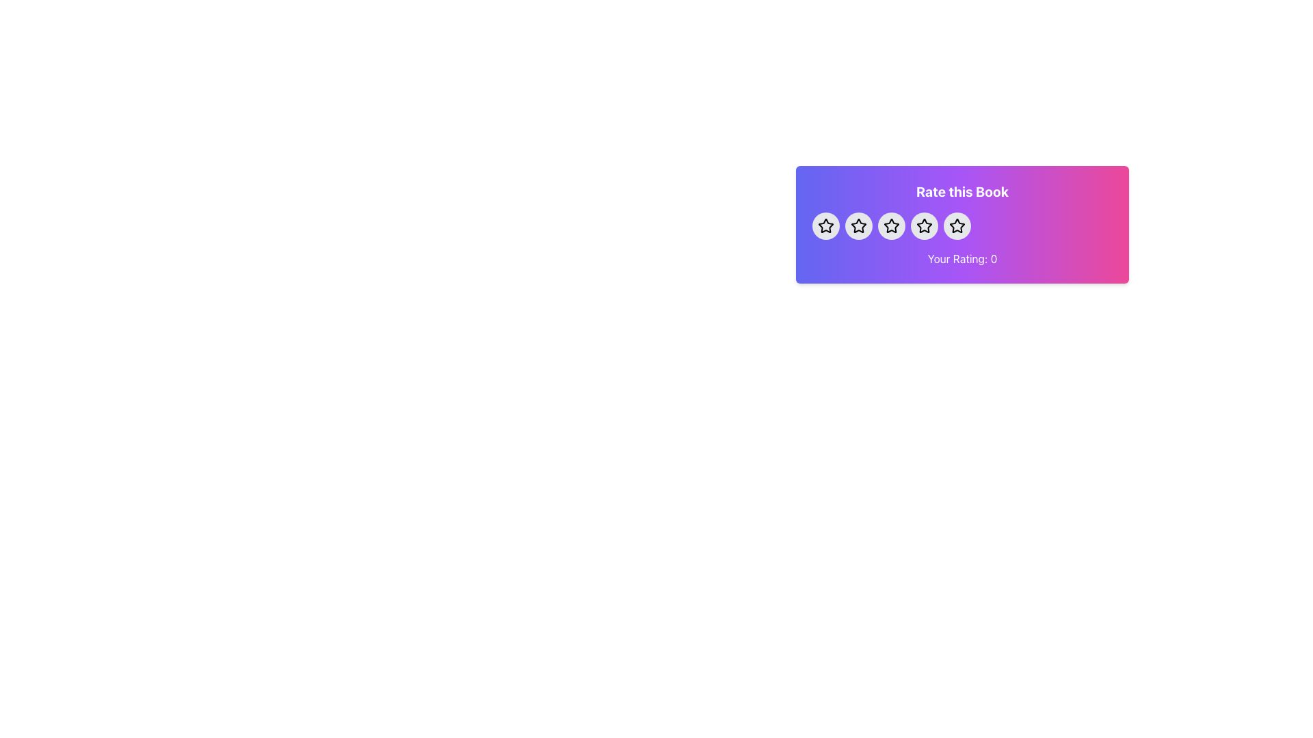  What do you see at coordinates (925, 225) in the screenshot?
I see `the fourth circular button with a gray background and a black outlined star at its center, which is part of a row of rating buttons` at bounding box center [925, 225].